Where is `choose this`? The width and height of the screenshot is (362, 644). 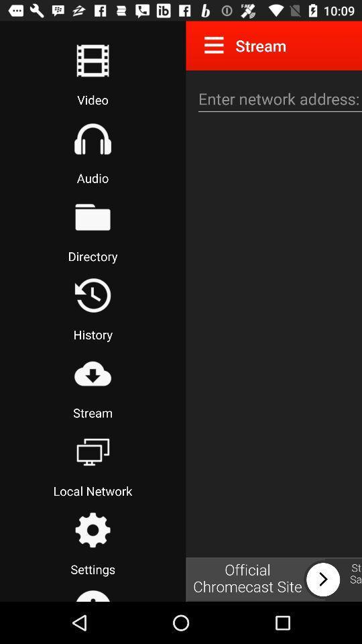
choose this is located at coordinates (92, 451).